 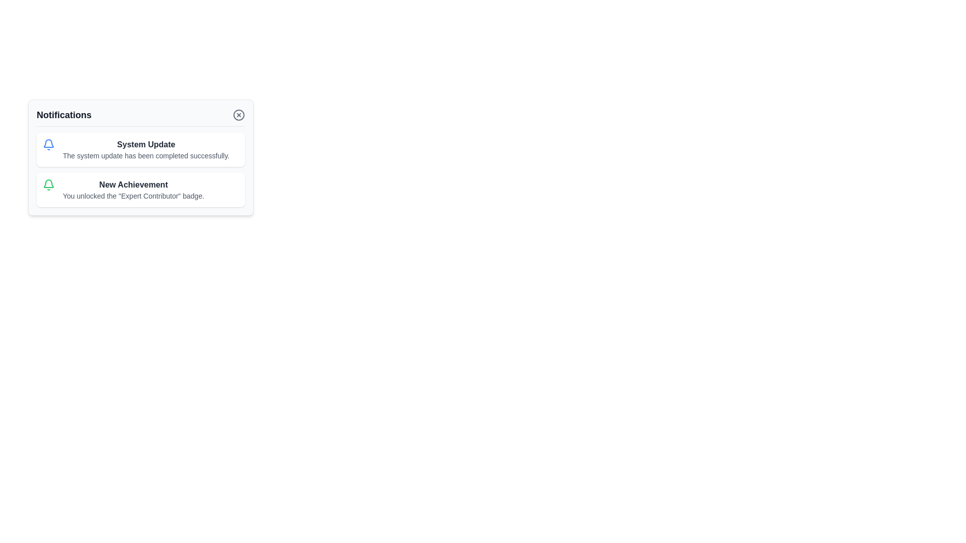 What do you see at coordinates (48, 184) in the screenshot?
I see `the visual design of the bottom part of the notification bell icon located next to the 'System Update' label in the 'Notifications' panel` at bounding box center [48, 184].